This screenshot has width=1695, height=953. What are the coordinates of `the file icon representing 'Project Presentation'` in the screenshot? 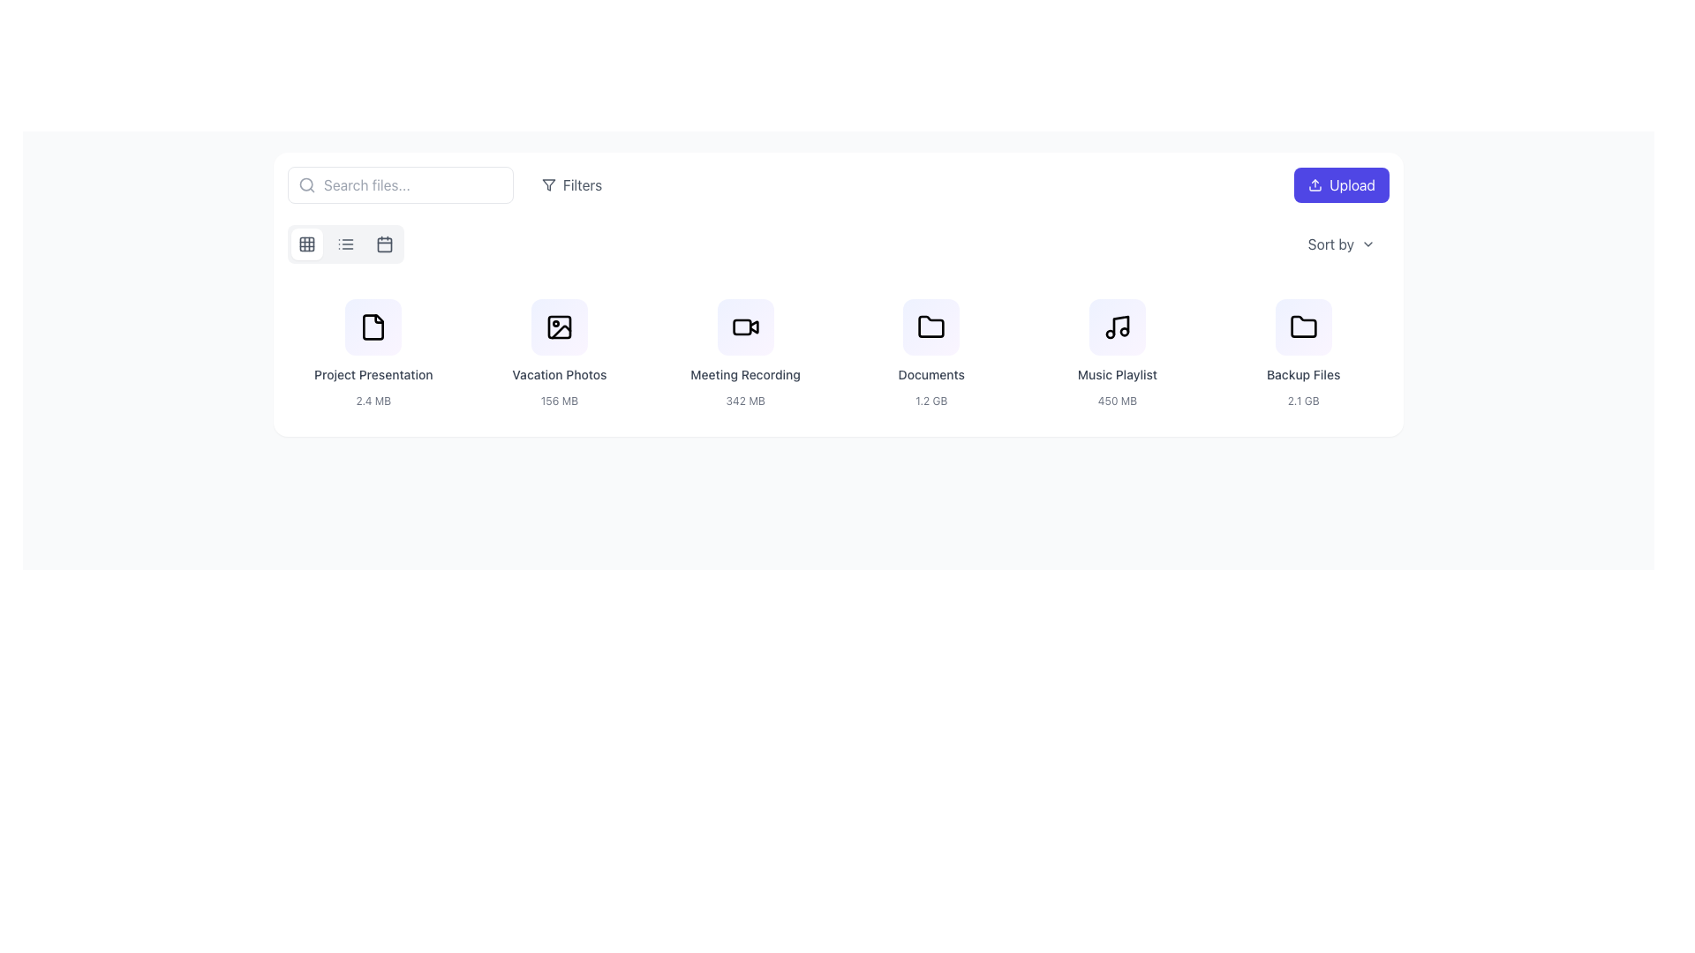 It's located at (373, 326).